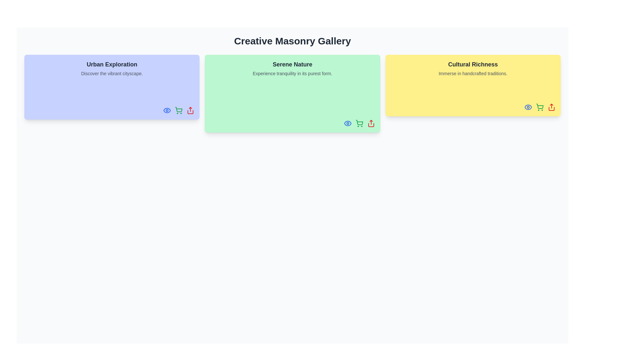 Image resolution: width=623 pixels, height=350 pixels. What do you see at coordinates (371, 123) in the screenshot?
I see `the share icon button, which is red and resembles an upward arrow, located at the bottom-right corner of the 'Serene Nature' card` at bounding box center [371, 123].